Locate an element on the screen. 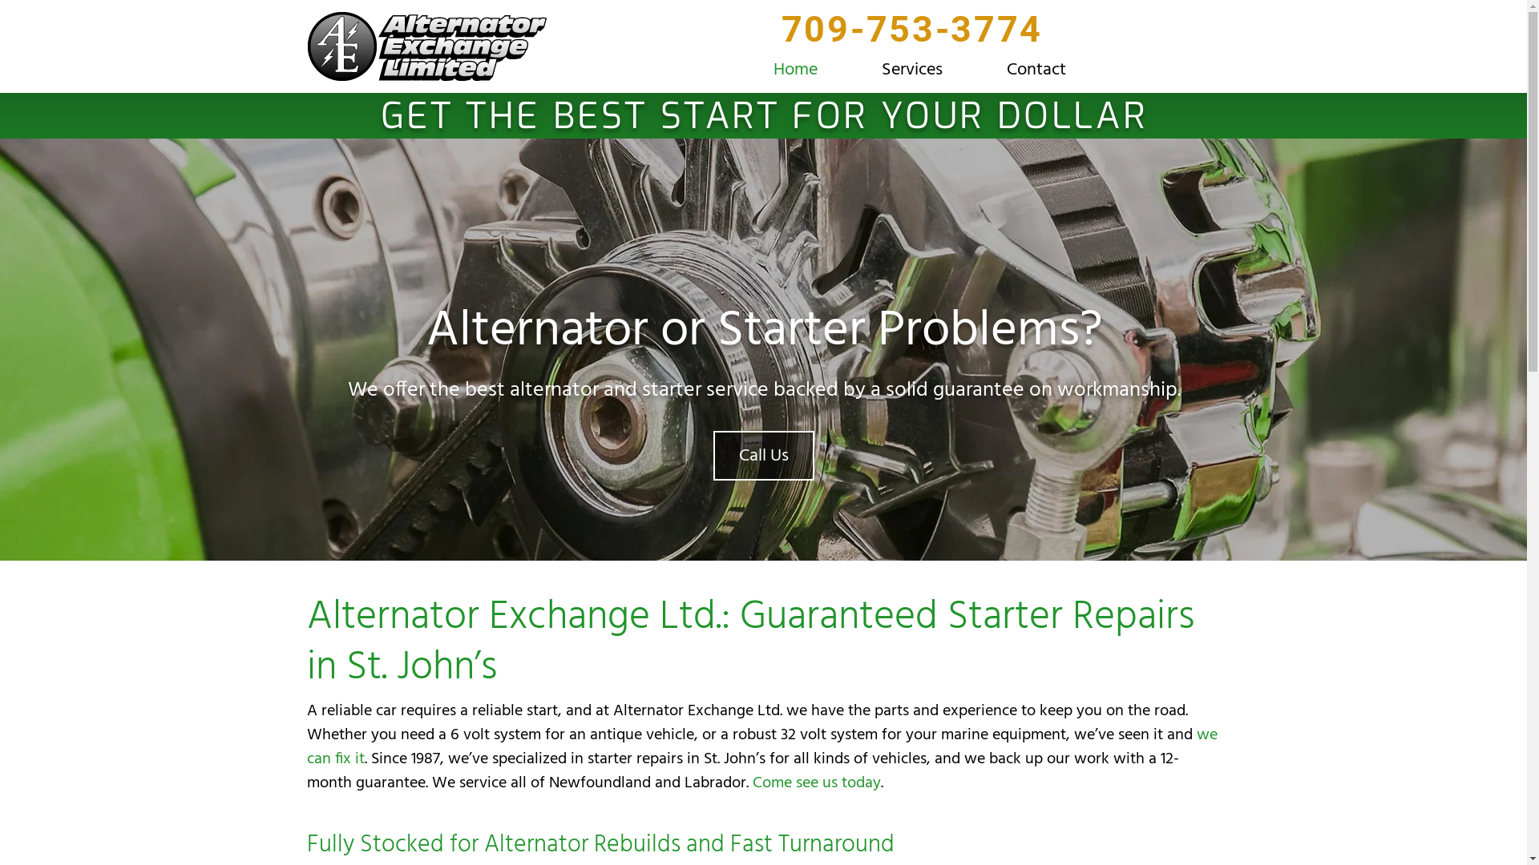  '709-753-3774' is located at coordinates (911, 38).